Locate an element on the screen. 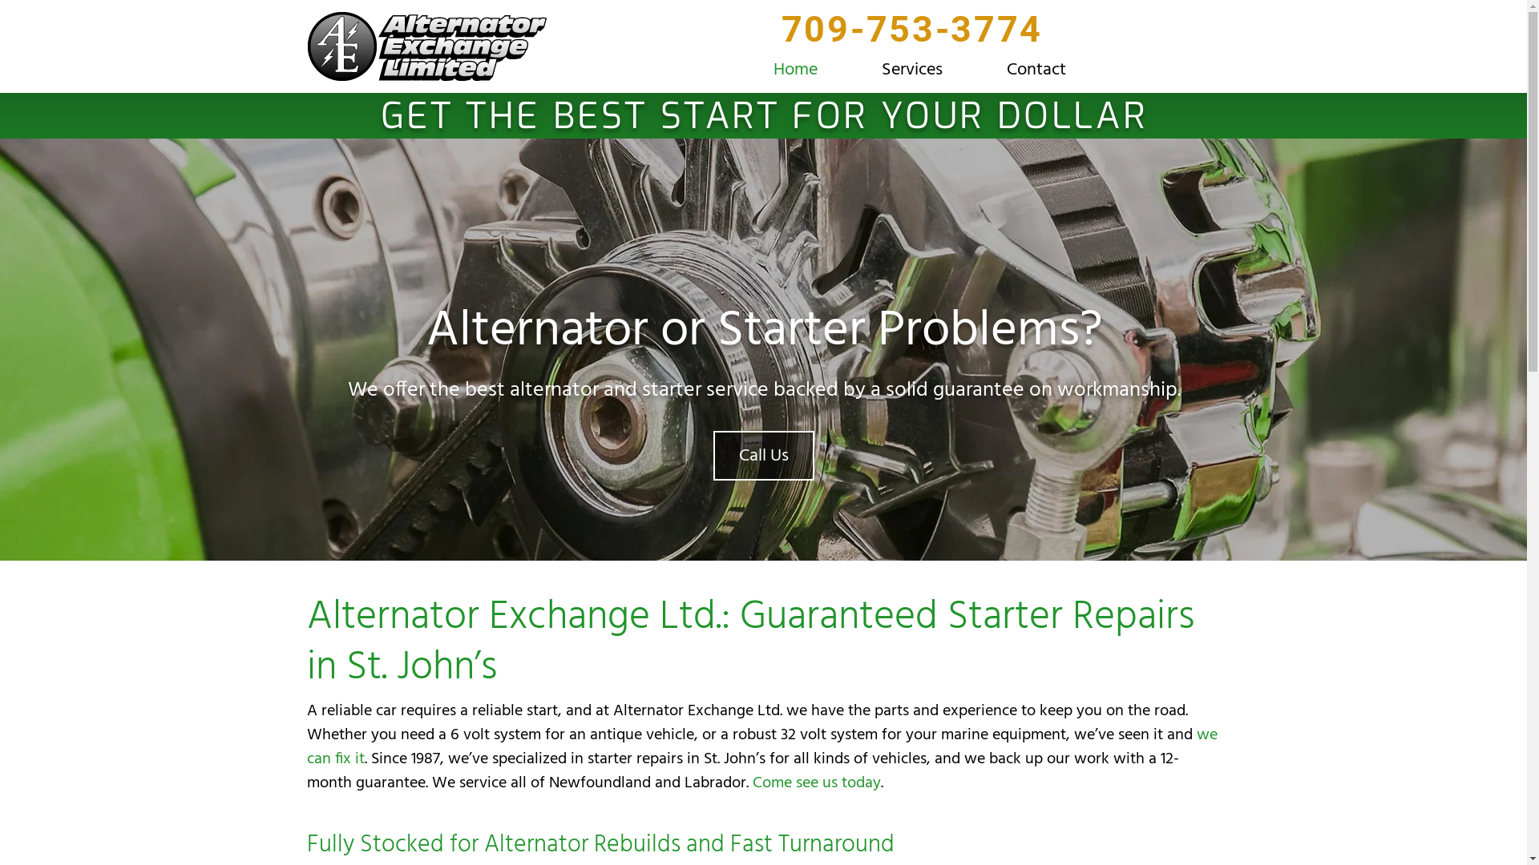  '709-753-3774' is located at coordinates (911, 38).